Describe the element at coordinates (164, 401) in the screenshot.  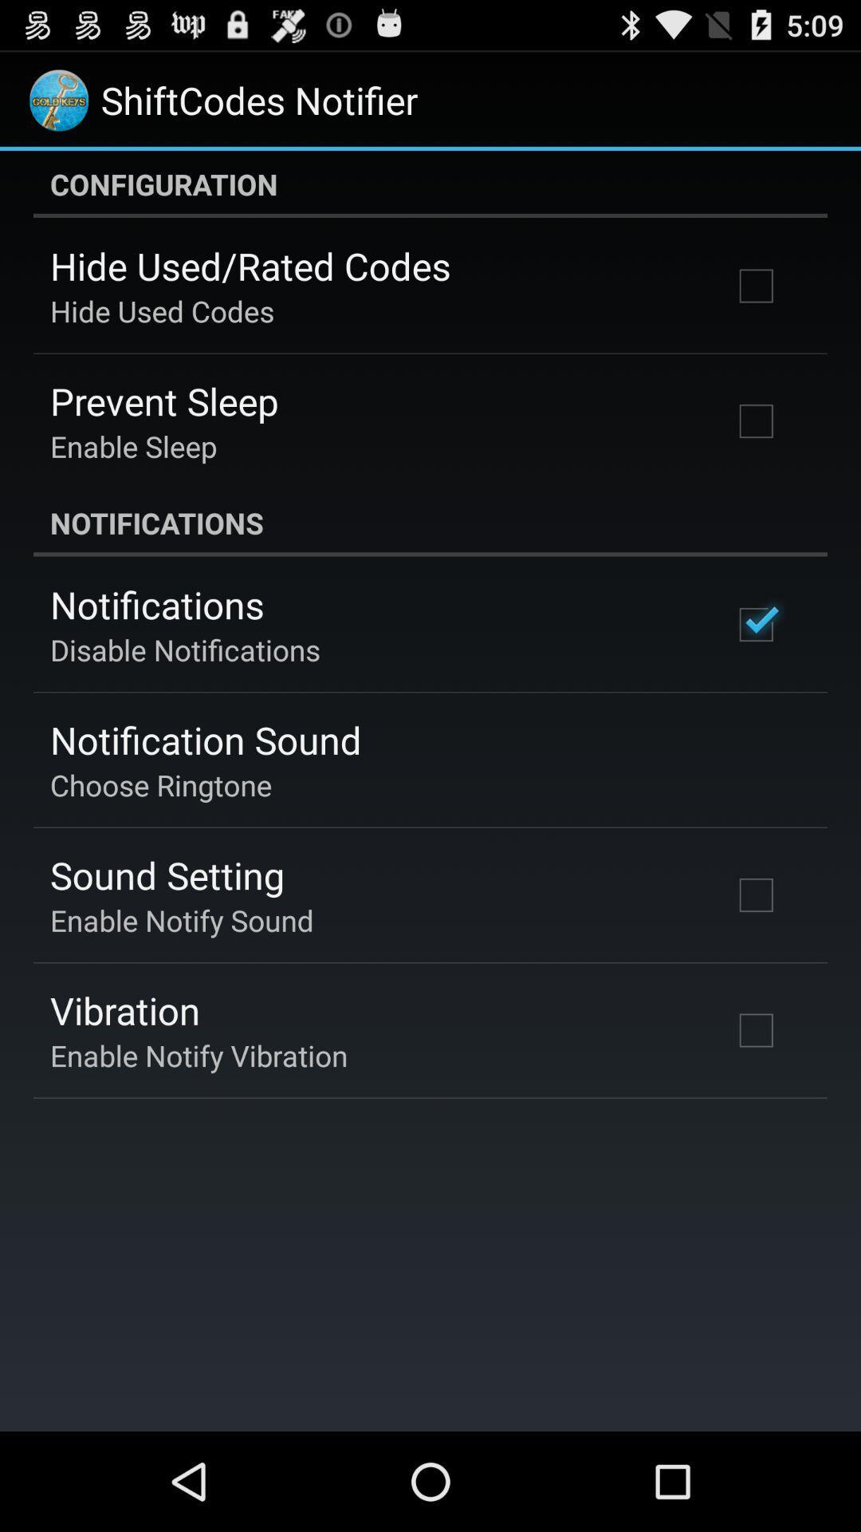
I see `prevent sleep` at that location.